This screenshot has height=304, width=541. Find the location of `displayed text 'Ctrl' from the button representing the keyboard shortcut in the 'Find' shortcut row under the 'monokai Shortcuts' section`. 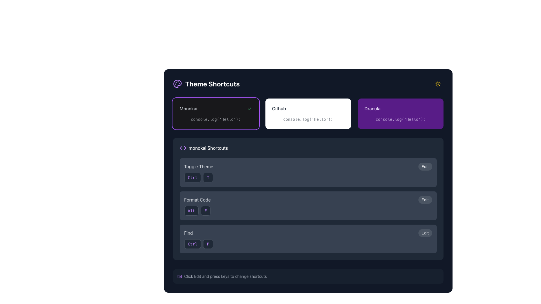

displayed text 'Ctrl' from the button representing the keyboard shortcut in the 'Find' shortcut row under the 'monokai Shortcuts' section is located at coordinates (192, 244).